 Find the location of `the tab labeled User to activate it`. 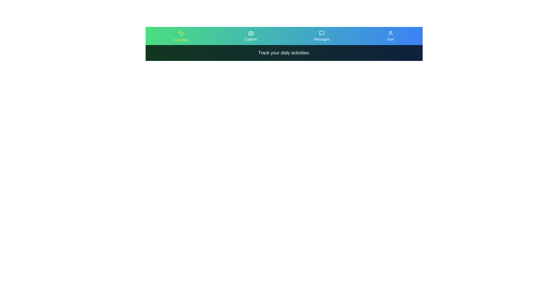

the tab labeled User to activate it is located at coordinates (390, 36).